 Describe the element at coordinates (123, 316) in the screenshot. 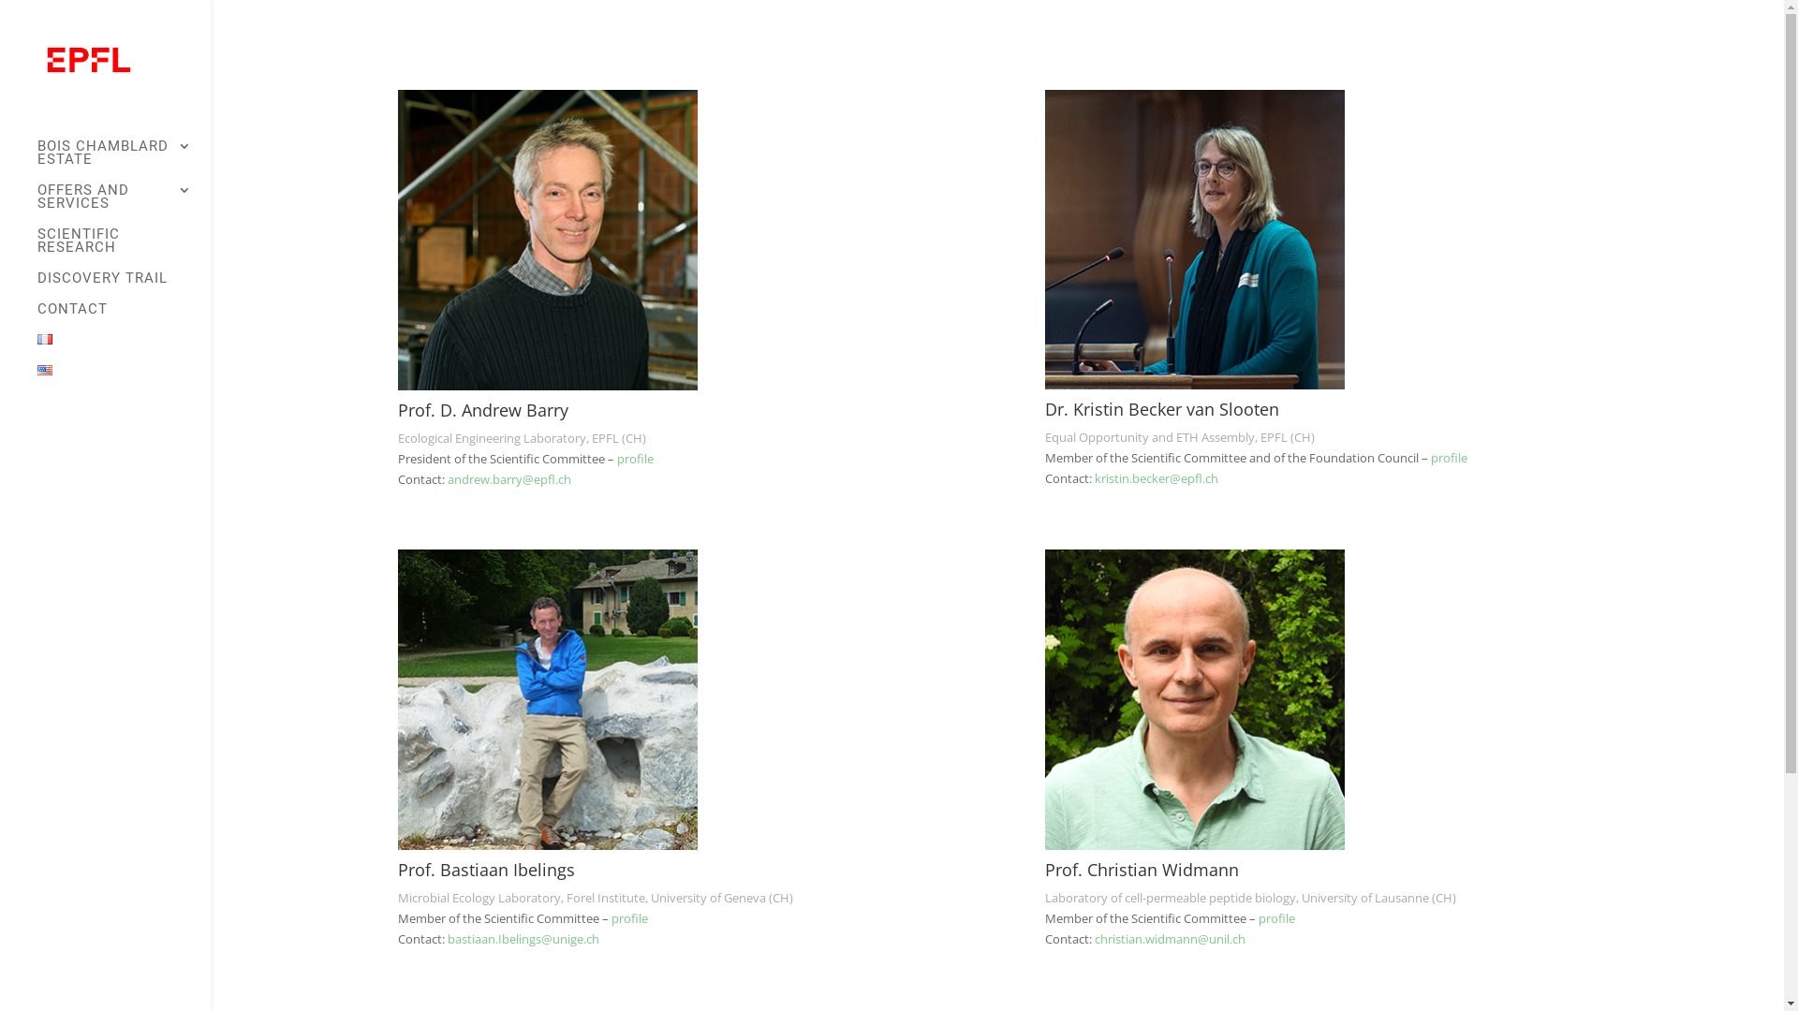

I see `'CONTACT'` at that location.